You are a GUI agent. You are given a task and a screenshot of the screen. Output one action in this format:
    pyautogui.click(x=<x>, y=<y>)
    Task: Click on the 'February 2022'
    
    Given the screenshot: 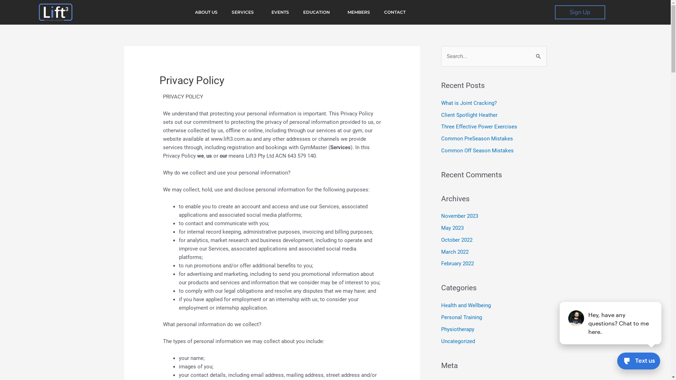 What is the action you would take?
    pyautogui.click(x=457, y=263)
    